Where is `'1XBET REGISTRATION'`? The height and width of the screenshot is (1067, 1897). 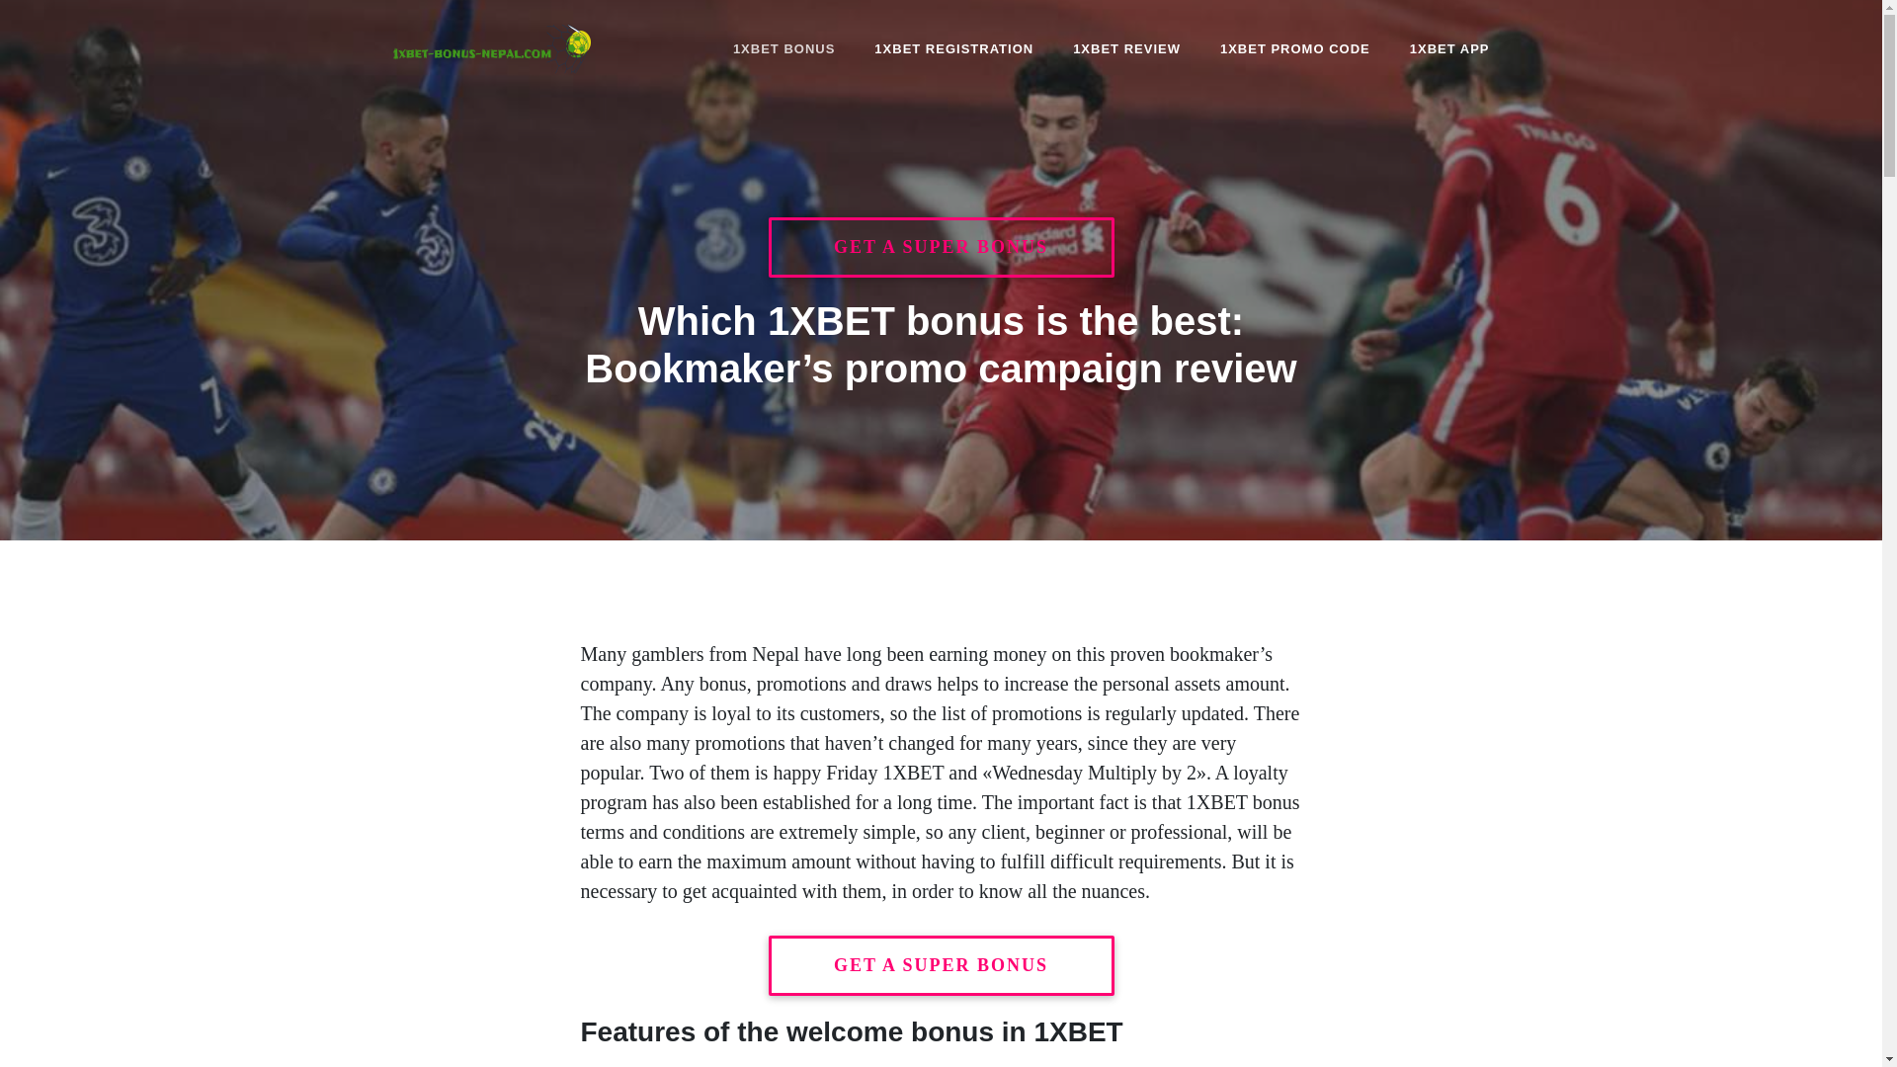
'1XBET REGISTRATION' is located at coordinates (953, 47).